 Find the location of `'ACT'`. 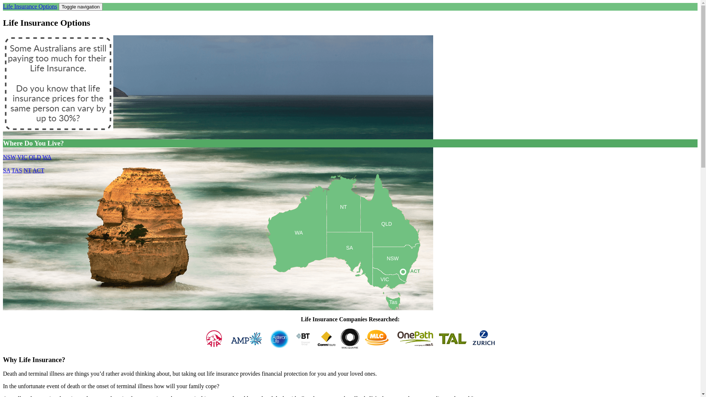

'ACT' is located at coordinates (409, 272).